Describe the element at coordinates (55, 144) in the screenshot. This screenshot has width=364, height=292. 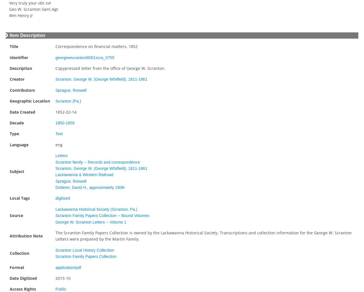
I see `'eng'` at that location.